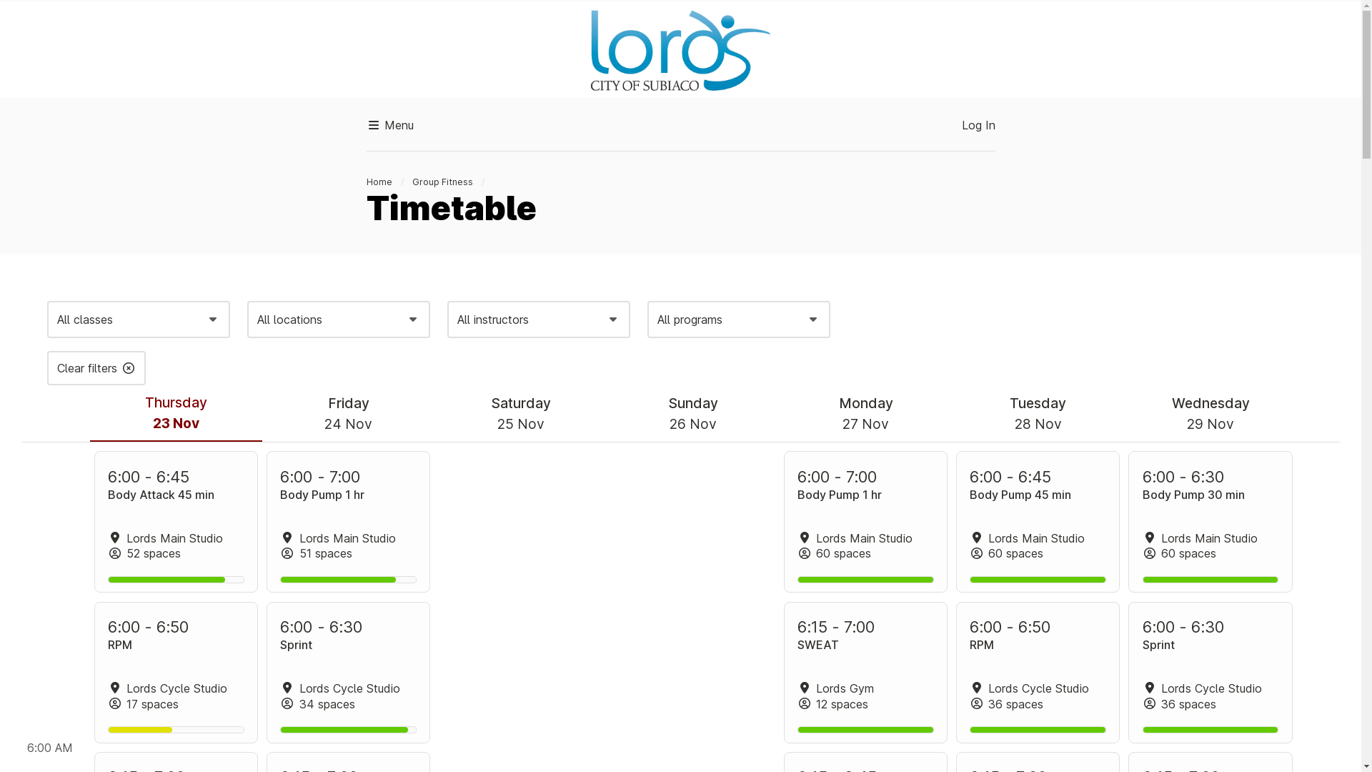 The image size is (1372, 772). Describe the element at coordinates (1038, 673) in the screenshot. I see `'RPM` at that location.